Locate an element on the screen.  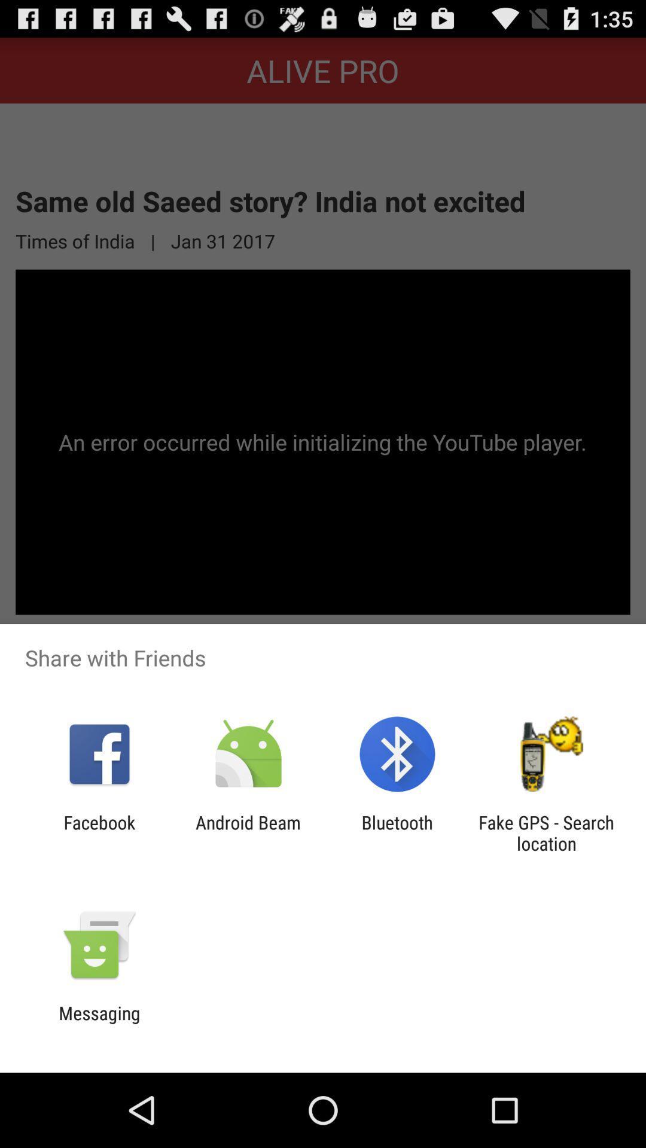
facebook item is located at coordinates (99, 832).